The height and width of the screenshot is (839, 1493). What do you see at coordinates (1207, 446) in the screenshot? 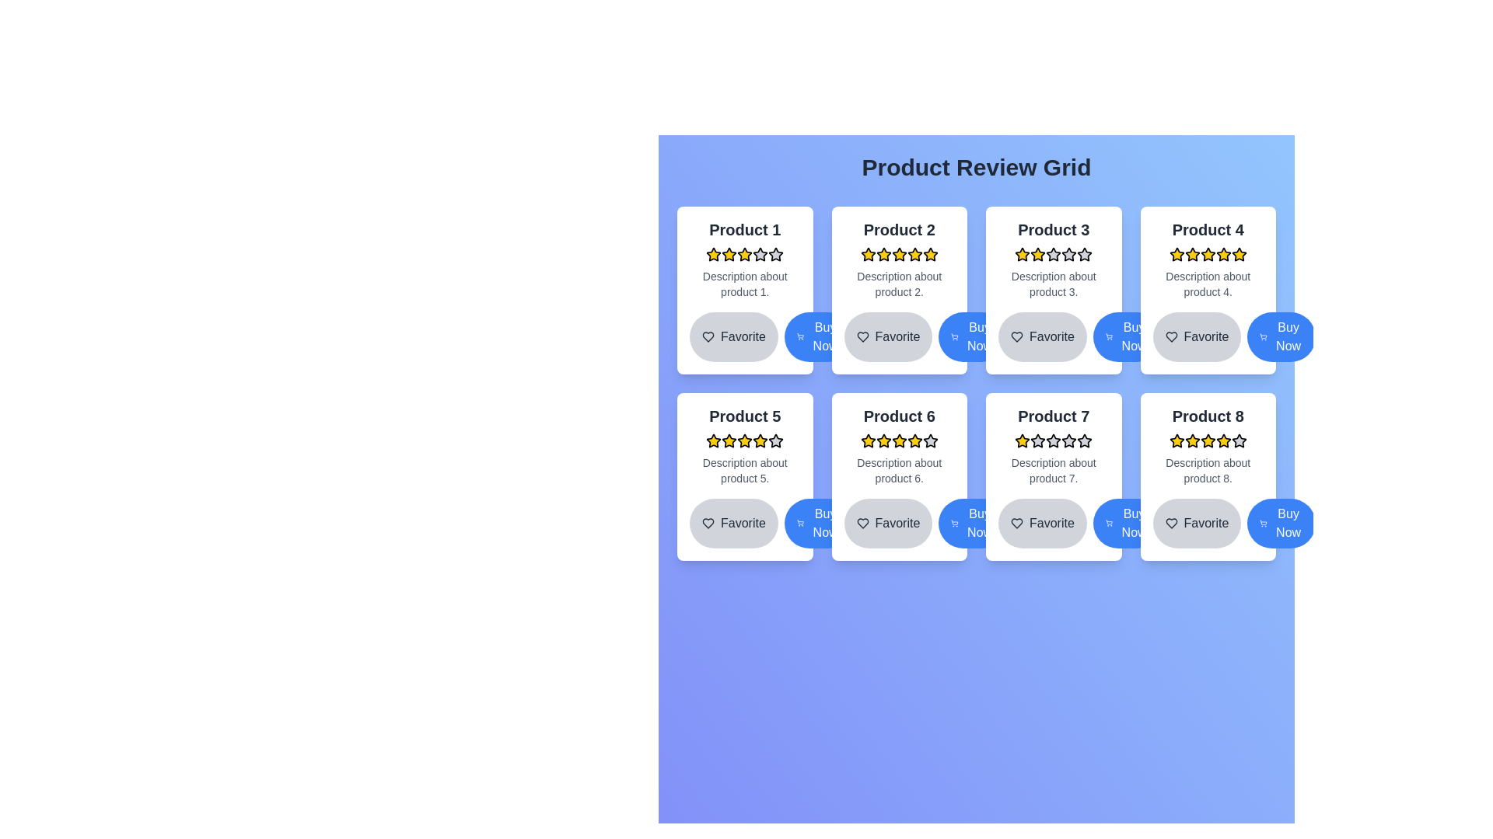
I see `the star rating in the Product information card section to interact with the rating` at bounding box center [1207, 446].